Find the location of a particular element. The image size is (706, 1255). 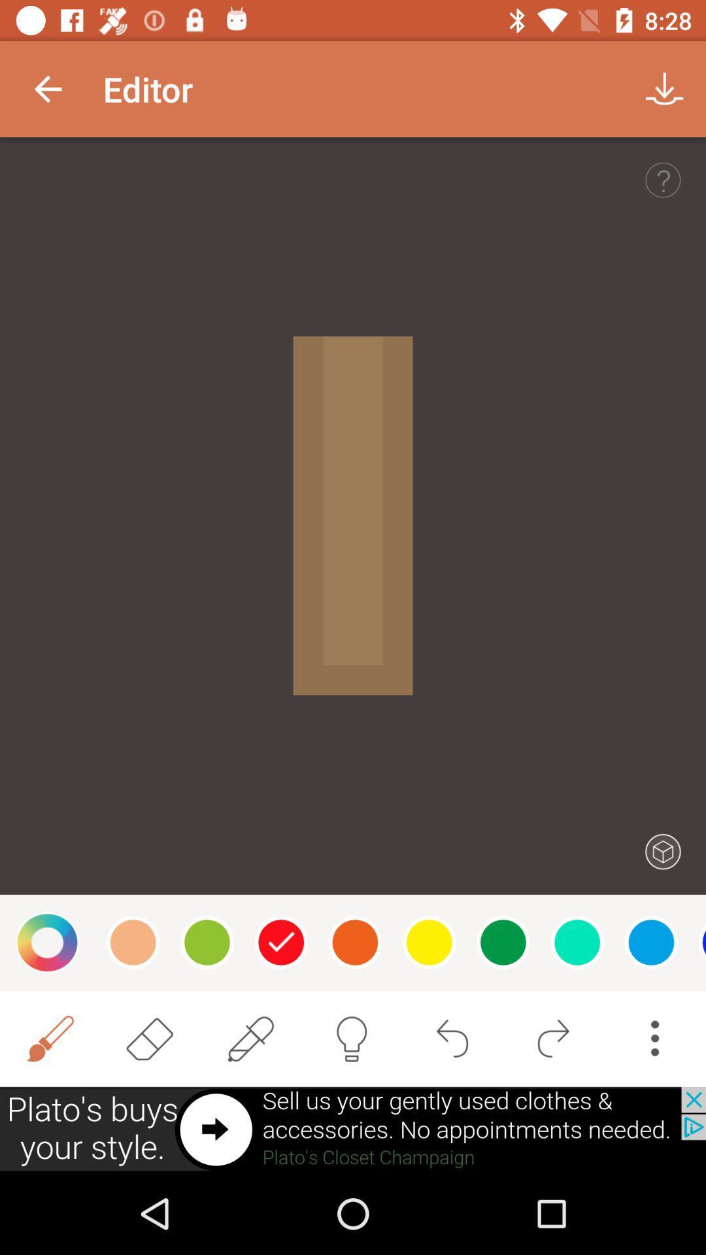

help icon is located at coordinates (663, 179).